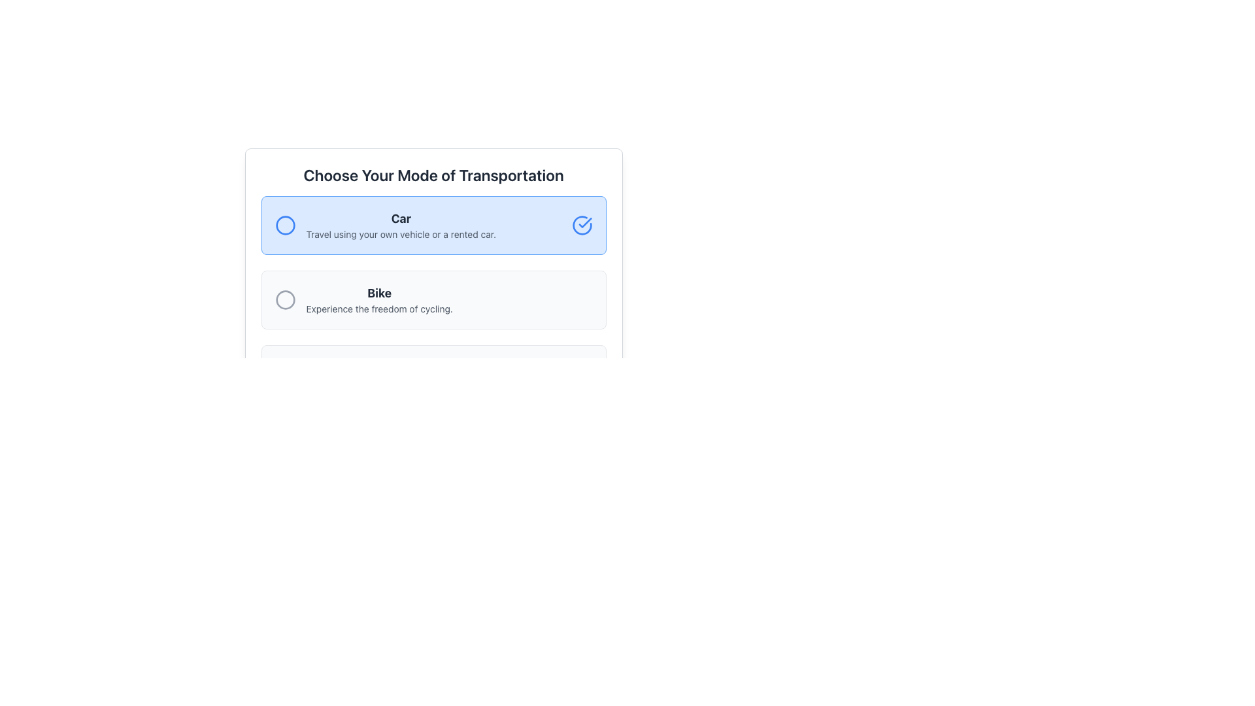 This screenshot has height=706, width=1255. I want to click on the circular SVG element with a blue outline that represents an icon within the 'Car' selection card, the first option in the transport modes list, so click(284, 224).